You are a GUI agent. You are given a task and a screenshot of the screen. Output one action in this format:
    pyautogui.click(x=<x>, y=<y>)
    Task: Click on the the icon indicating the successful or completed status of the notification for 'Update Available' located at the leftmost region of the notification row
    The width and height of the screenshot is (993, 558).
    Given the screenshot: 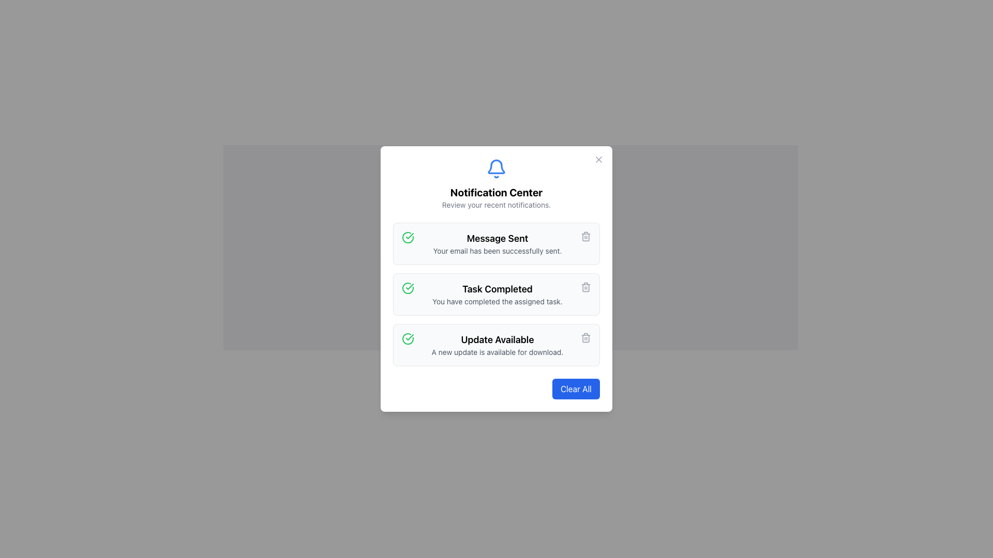 What is the action you would take?
    pyautogui.click(x=407, y=338)
    